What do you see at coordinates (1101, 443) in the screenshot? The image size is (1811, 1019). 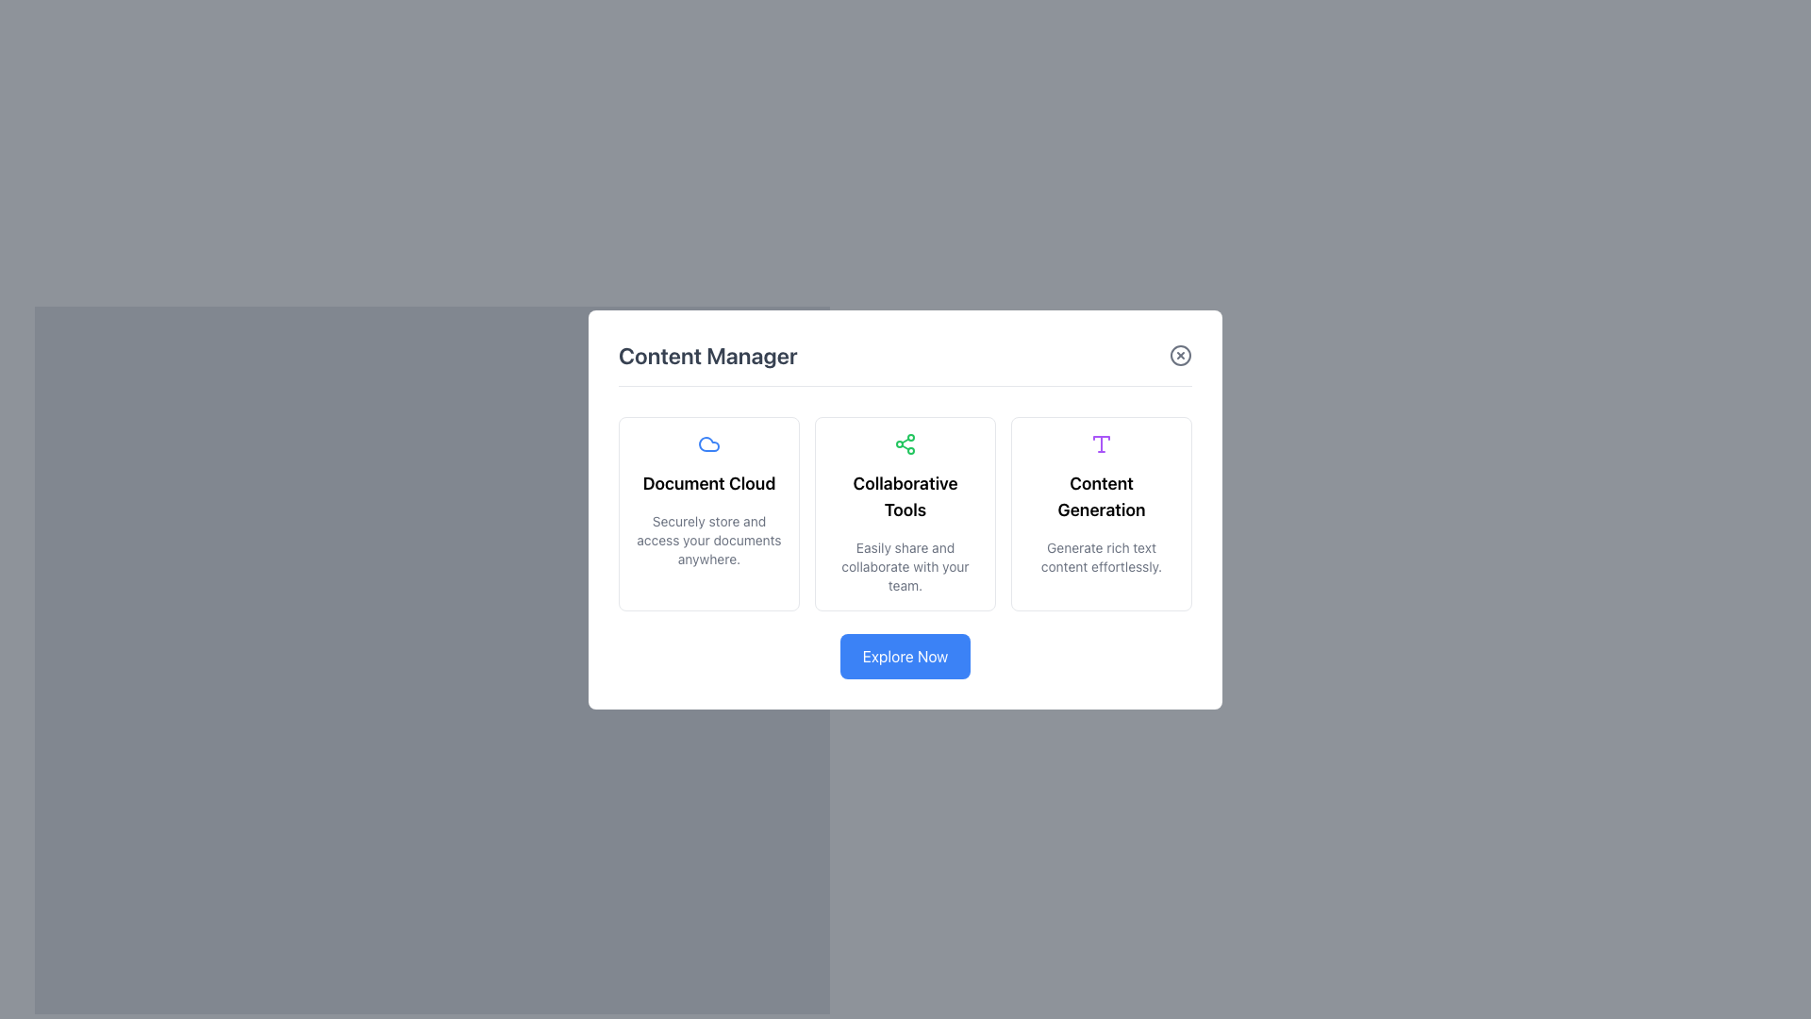 I see `the purple SVG icon of a stylized capital 'T' located at the top of the 'Content Generation' card` at bounding box center [1101, 443].